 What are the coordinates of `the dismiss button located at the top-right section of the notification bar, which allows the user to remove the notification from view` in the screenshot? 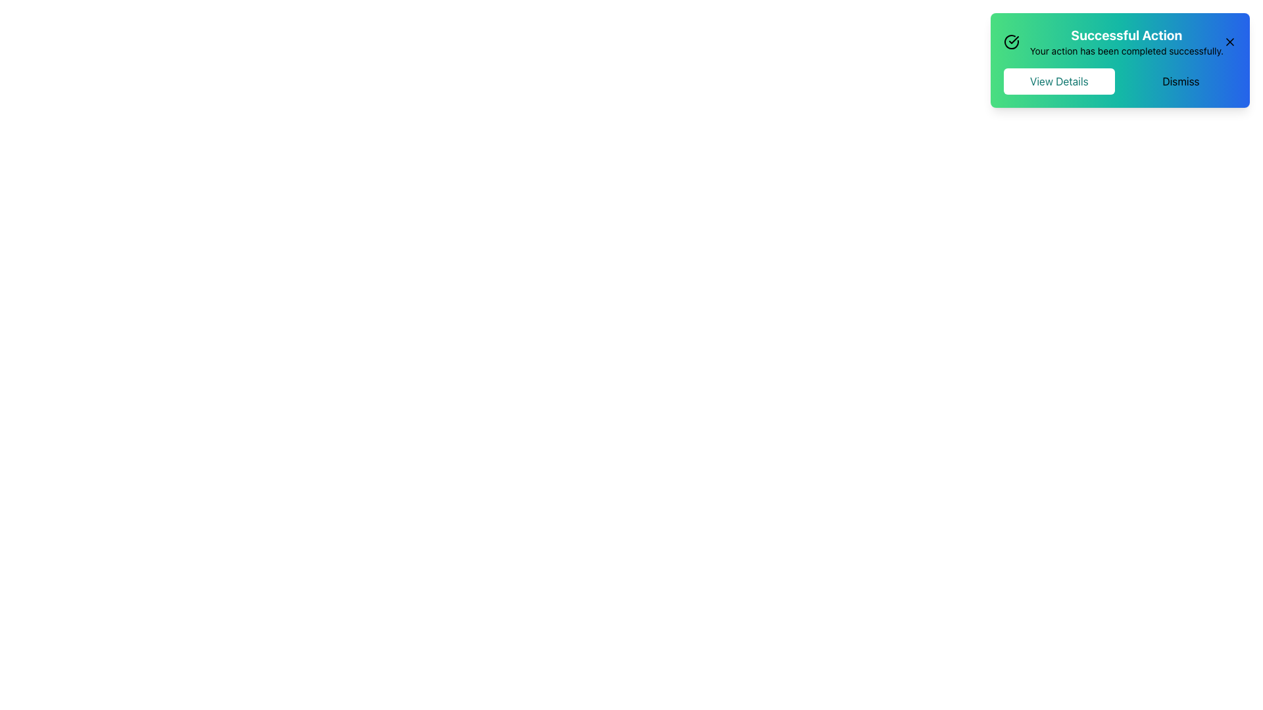 It's located at (1229, 41).